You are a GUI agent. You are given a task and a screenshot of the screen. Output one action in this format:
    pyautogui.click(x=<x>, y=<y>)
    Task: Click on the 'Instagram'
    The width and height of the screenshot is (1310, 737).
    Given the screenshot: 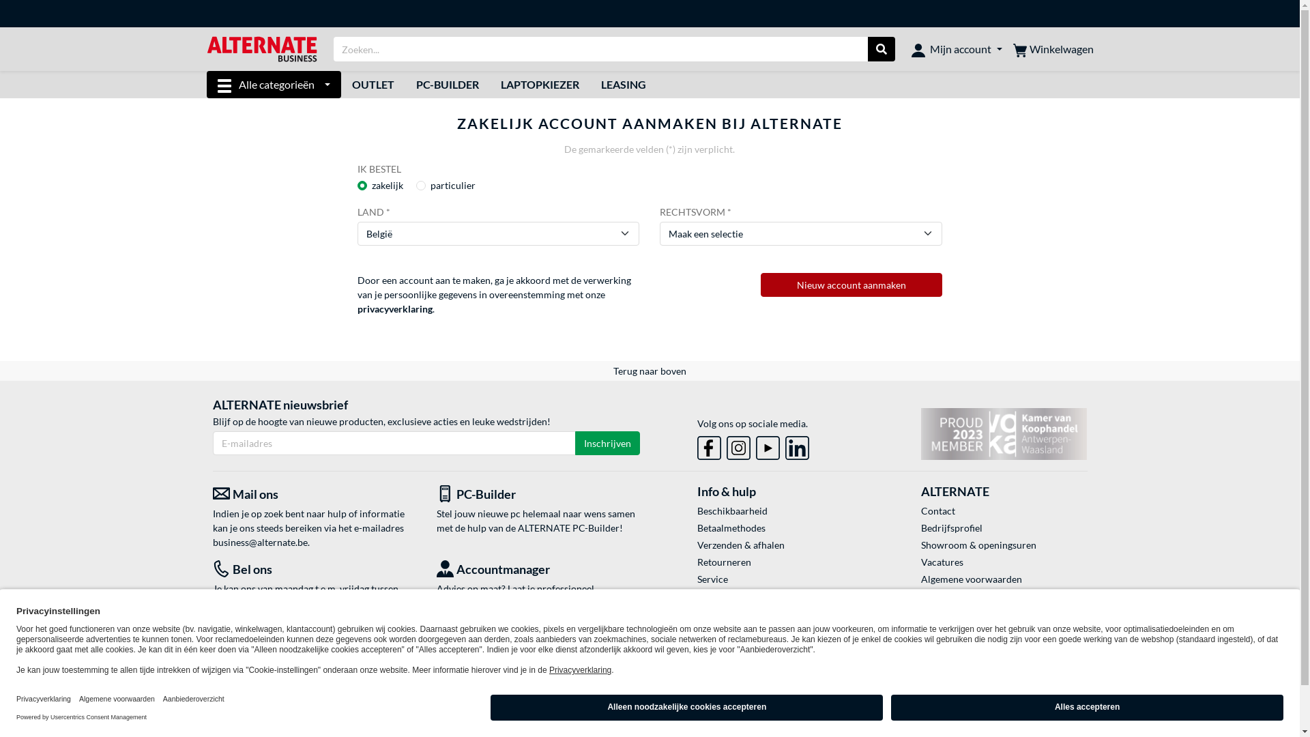 What is the action you would take?
    pyautogui.click(x=738, y=445)
    